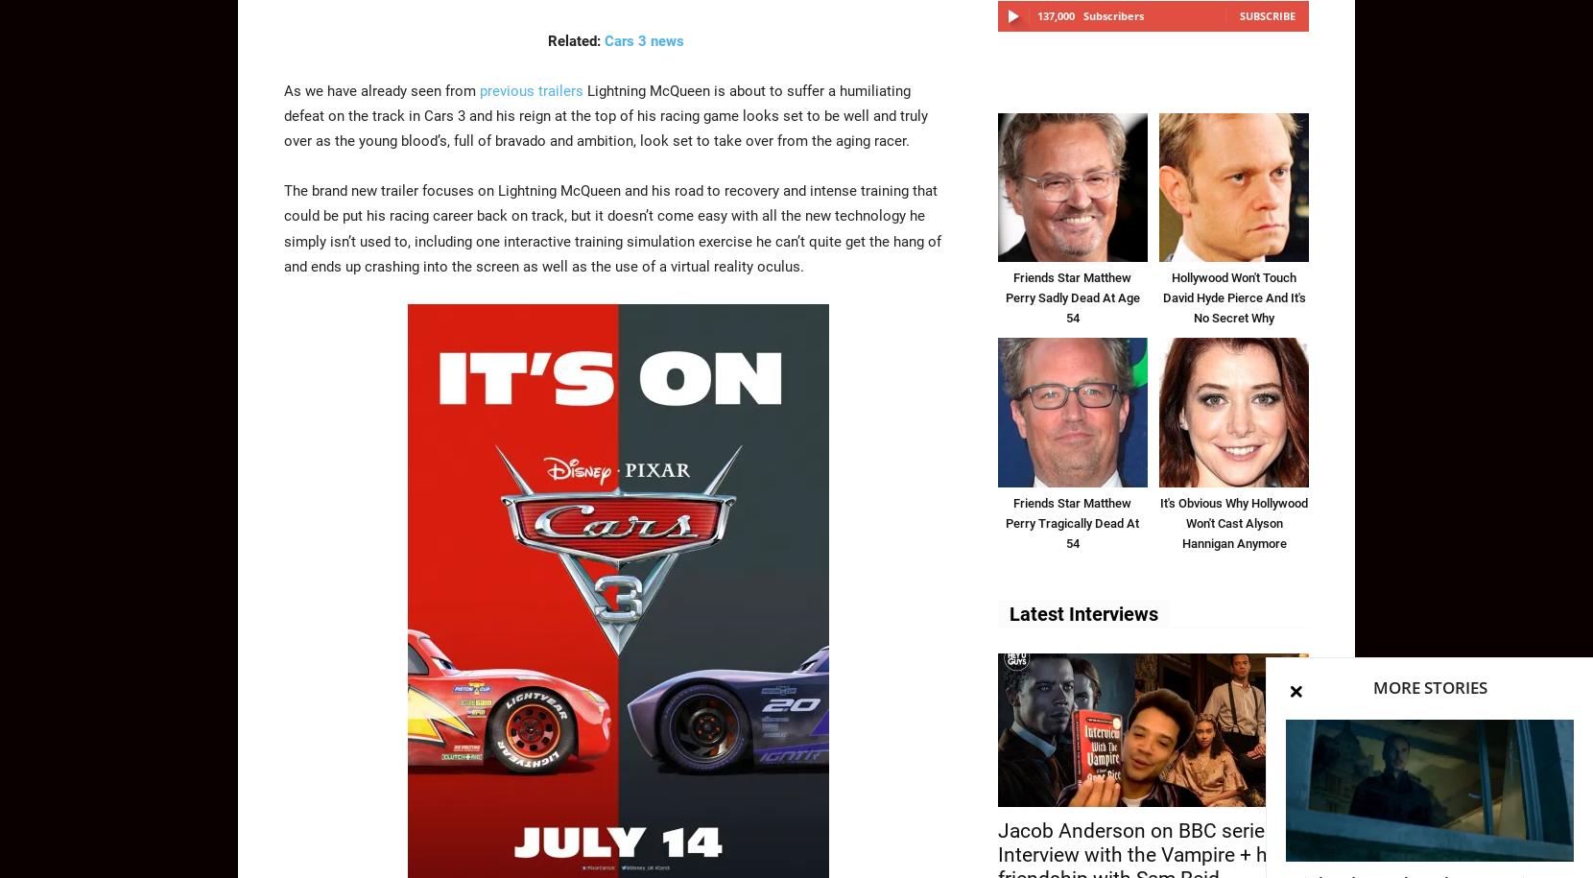  Describe the element at coordinates (605, 115) in the screenshot. I see `'Lightning McQueen is about to suffer a humiliating defeat on the track in Cars 3 and his reign at the top of his racing game looks set to be well and truly over as the young blood’s, full of bravado and ambition, look set to take over from the aging racer.'` at that location.